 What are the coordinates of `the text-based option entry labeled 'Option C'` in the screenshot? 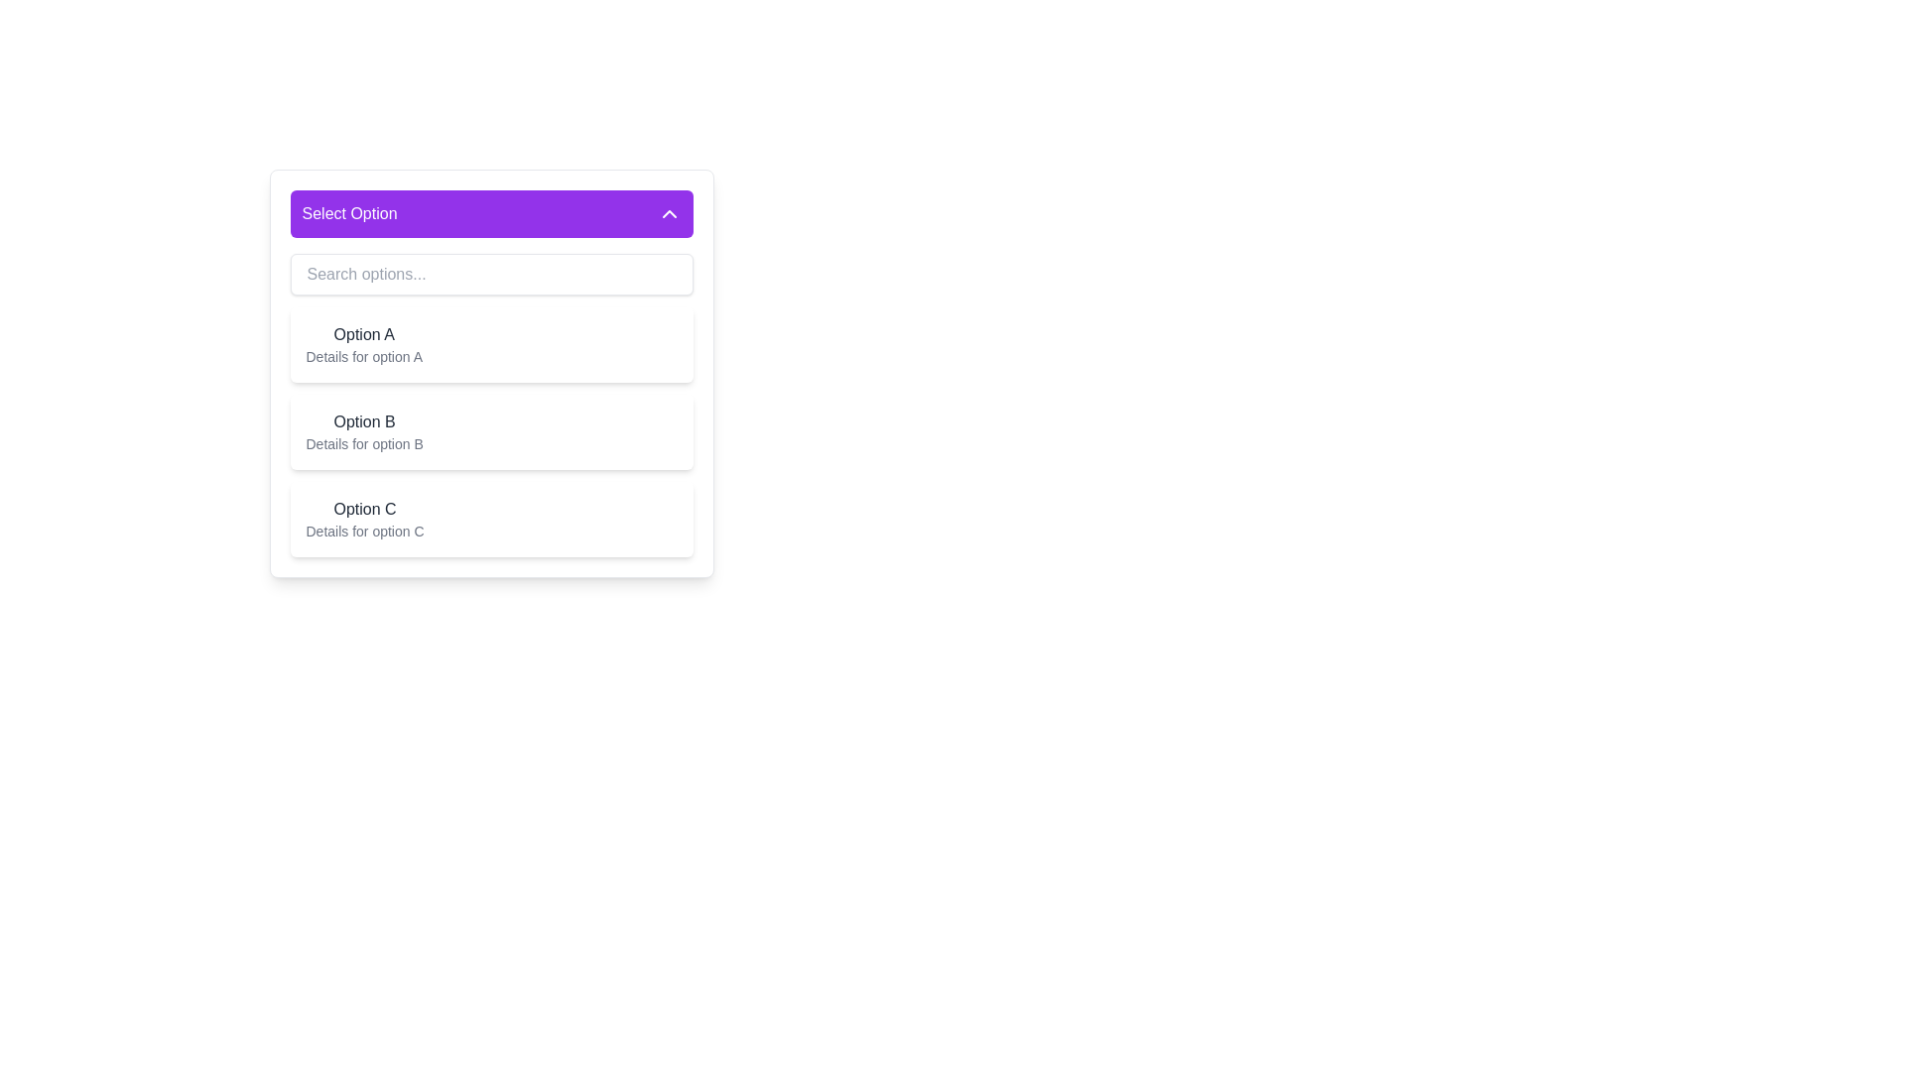 It's located at (365, 519).